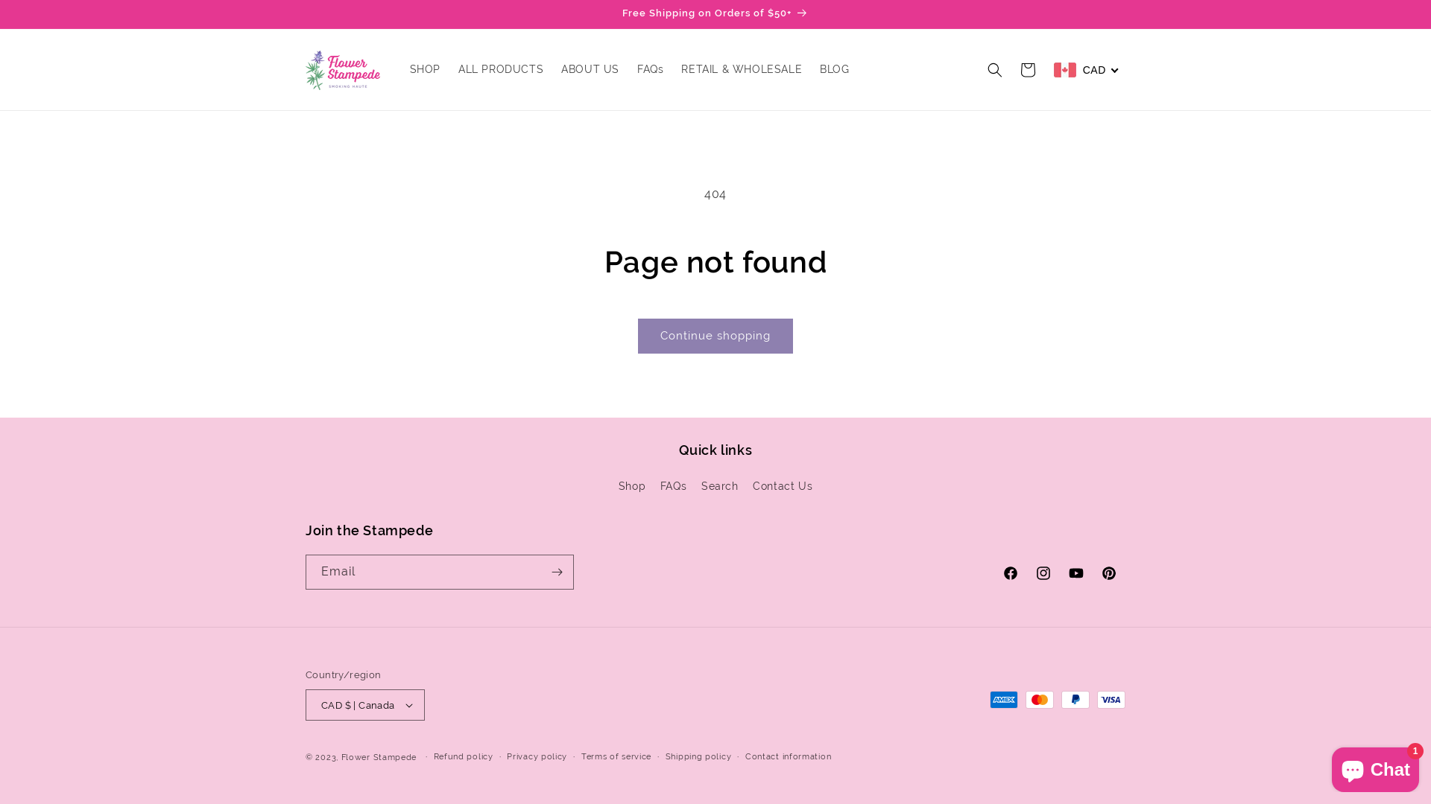 The image size is (1431, 804). What do you see at coordinates (1327, 766) in the screenshot?
I see `'Shopify online store chat'` at bounding box center [1327, 766].